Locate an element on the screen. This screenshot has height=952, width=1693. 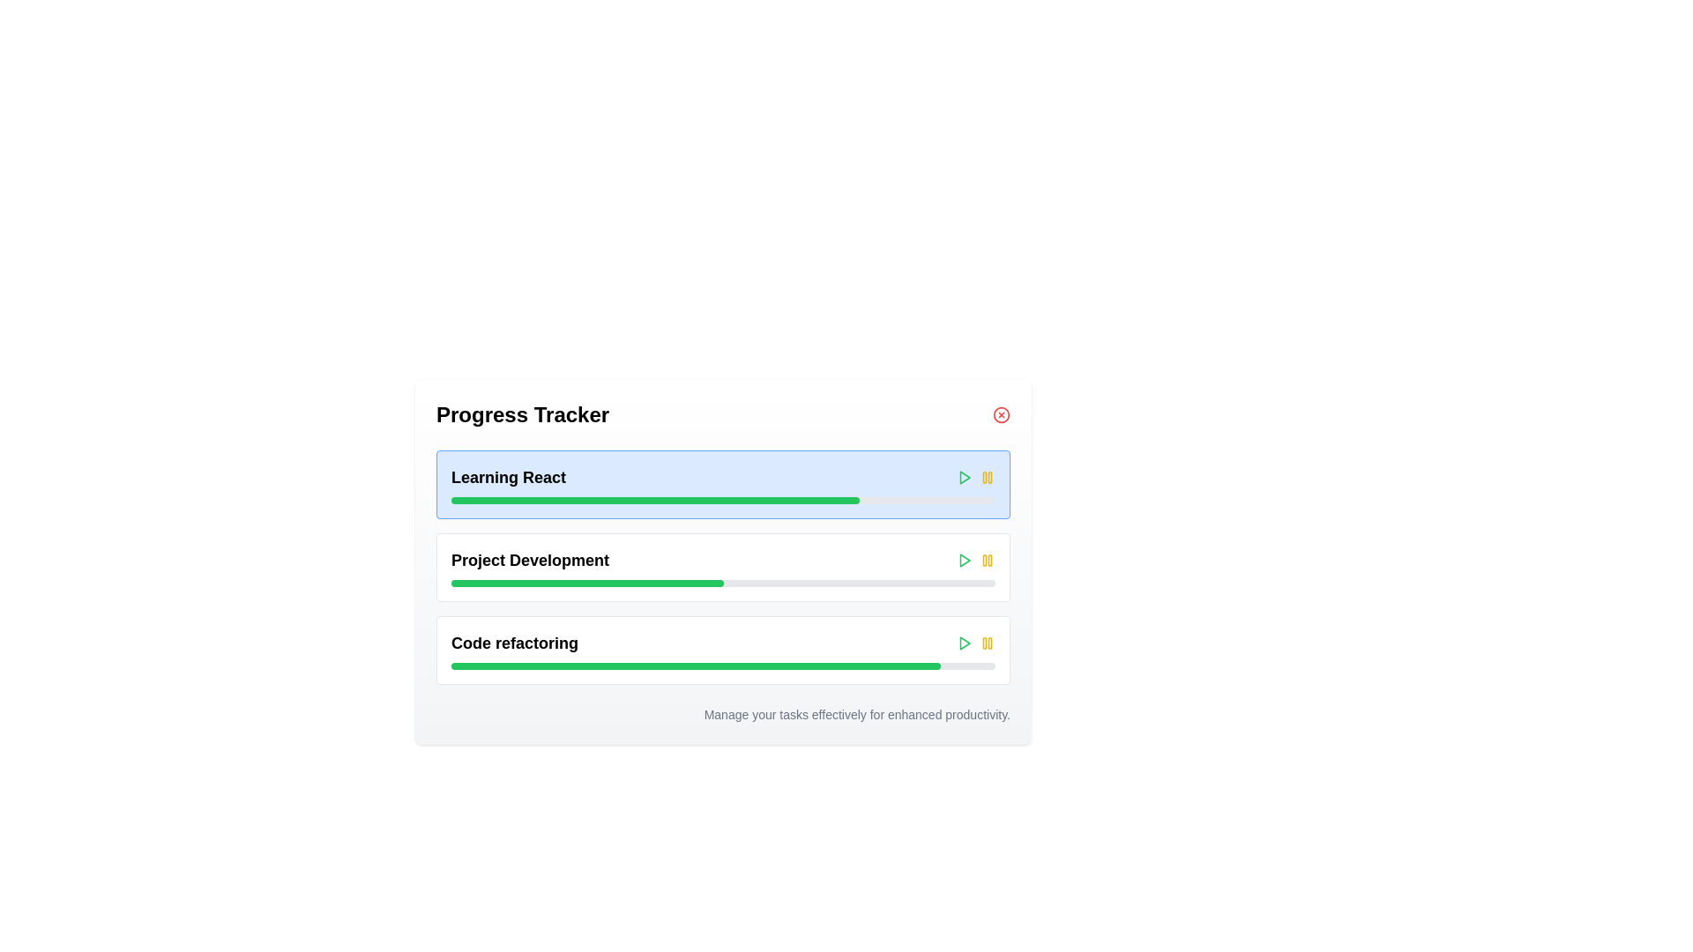
the play button located in the third row of the progress tracker section, aligned to the right of the 'Code refactoring' label, to initiate the play action is located at coordinates (964, 643).